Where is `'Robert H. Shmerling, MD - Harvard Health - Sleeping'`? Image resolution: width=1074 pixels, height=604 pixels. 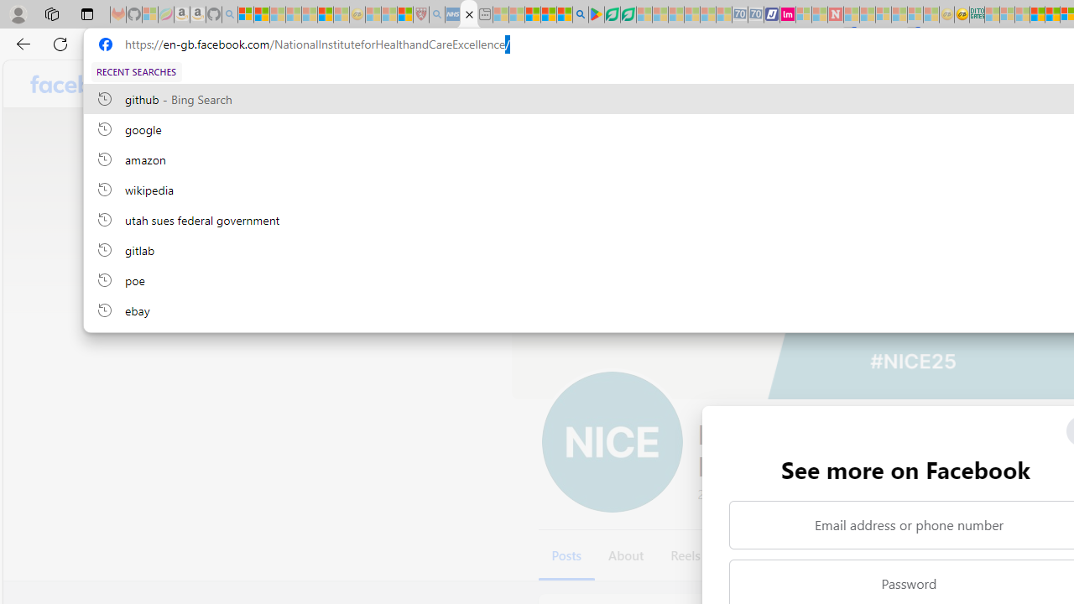 'Robert H. Shmerling, MD - Harvard Health - Sleeping' is located at coordinates (420, 14).